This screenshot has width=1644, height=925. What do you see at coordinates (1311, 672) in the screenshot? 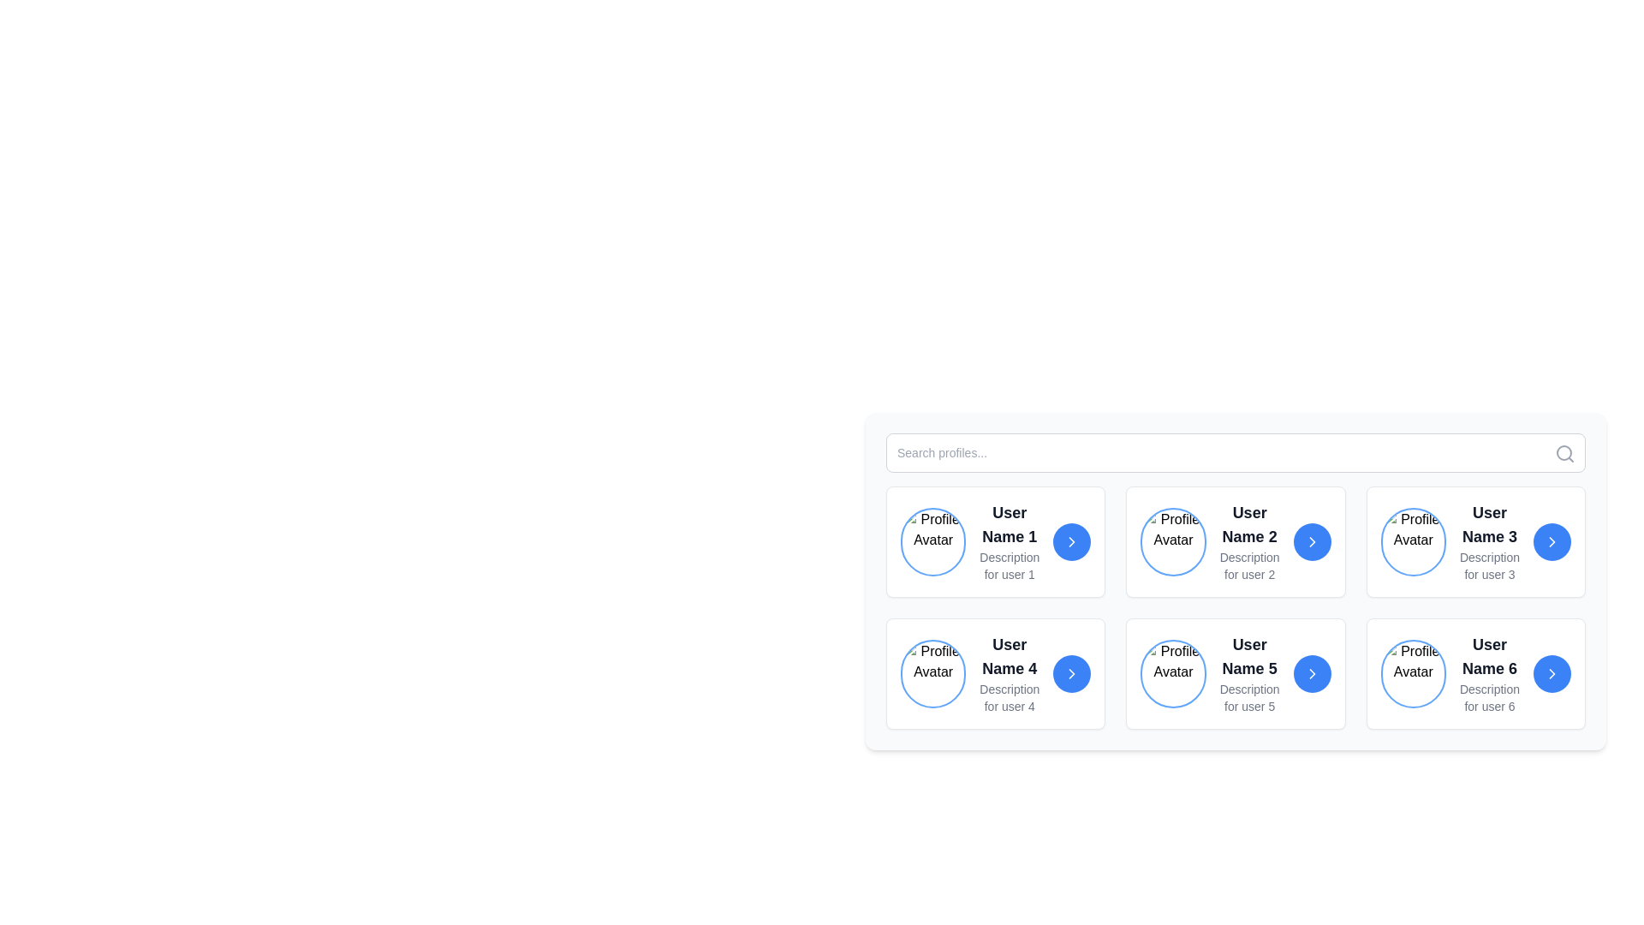
I see `the chevron arrow icon located in the bottom-right corner of the 'User Name 5' card` at bounding box center [1311, 672].